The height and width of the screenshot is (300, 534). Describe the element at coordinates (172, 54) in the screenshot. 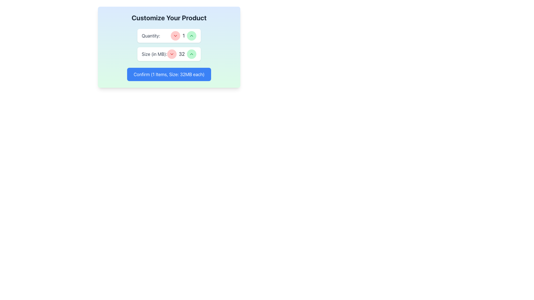

I see `the Chevron icon embedded in the button located to the left of the 'Size (in MB):' input field` at that location.